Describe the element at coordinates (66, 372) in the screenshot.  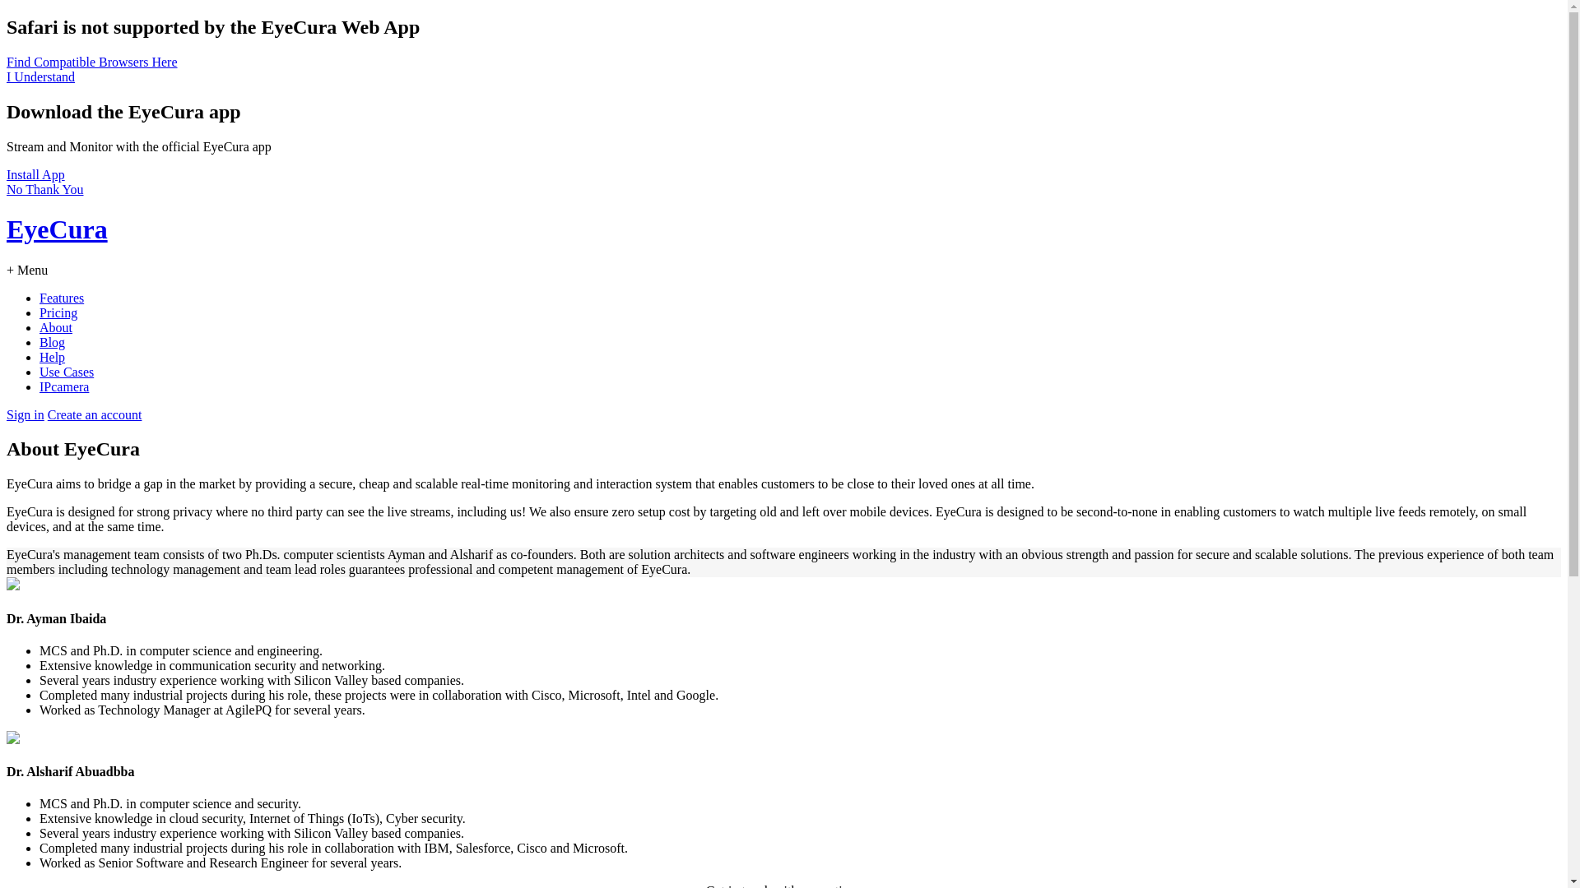
I see `'Use Cases'` at that location.